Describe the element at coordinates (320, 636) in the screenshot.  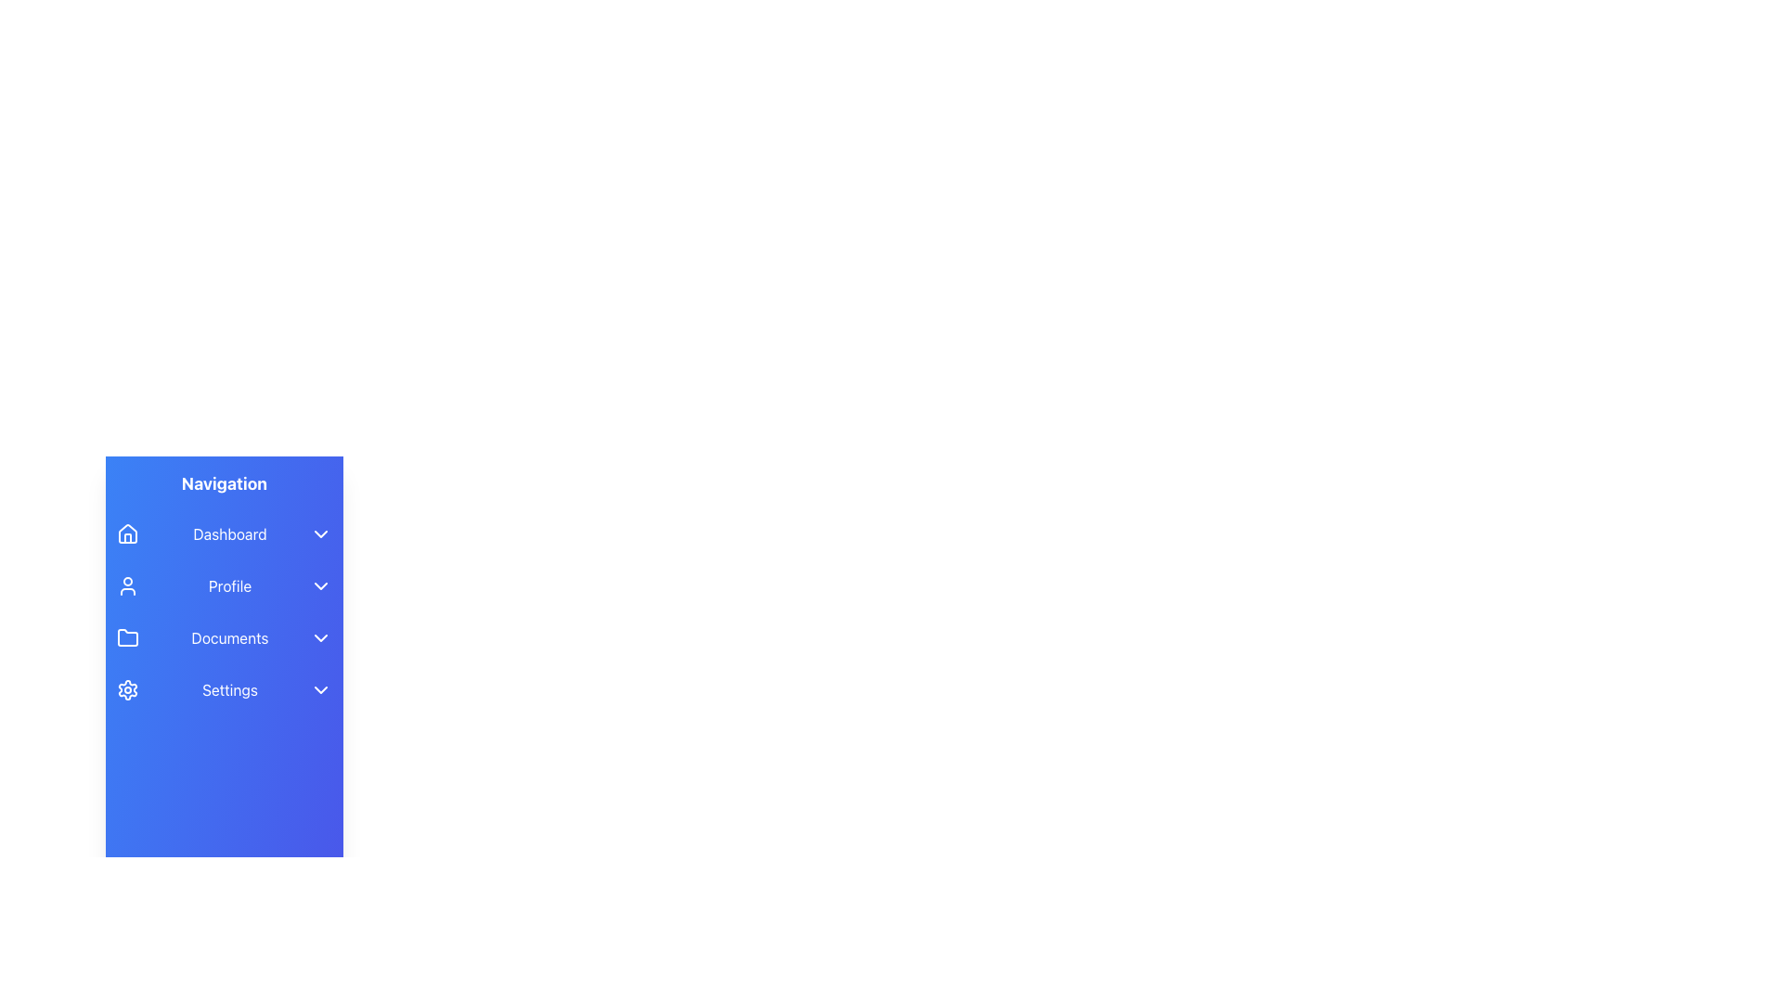
I see `the downward-facing chevron icon with three white lines on a blue background` at that location.